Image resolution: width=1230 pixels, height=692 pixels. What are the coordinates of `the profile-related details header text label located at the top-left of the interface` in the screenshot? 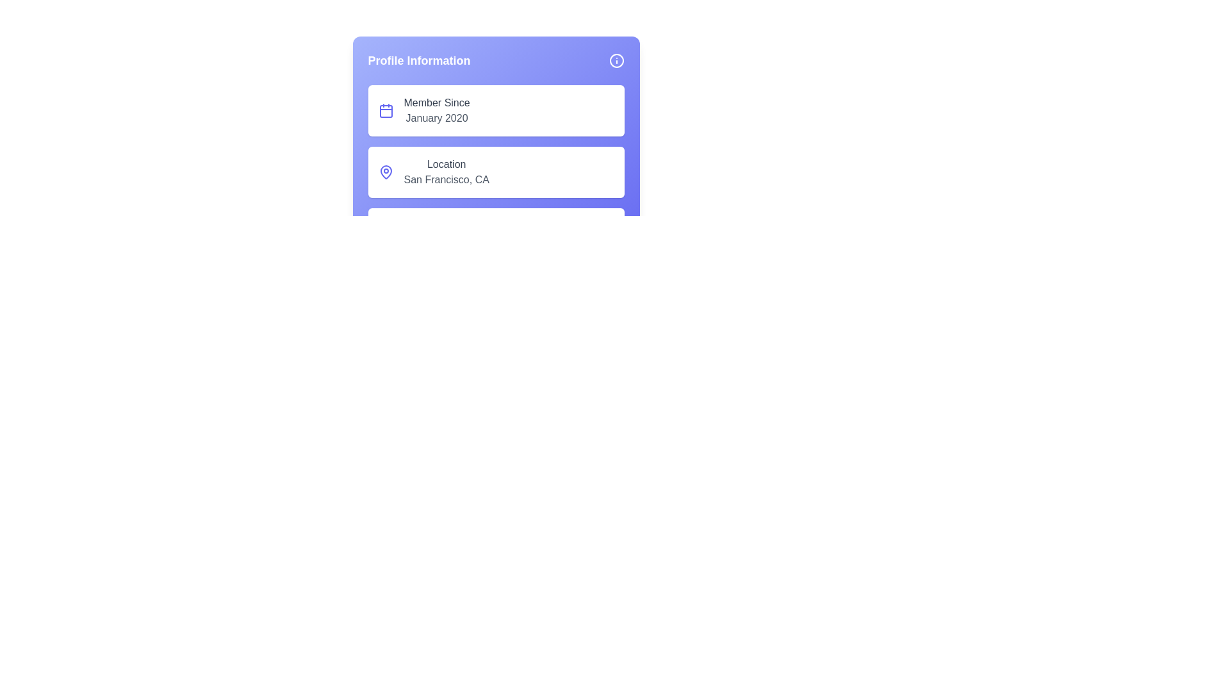 It's located at (419, 61).